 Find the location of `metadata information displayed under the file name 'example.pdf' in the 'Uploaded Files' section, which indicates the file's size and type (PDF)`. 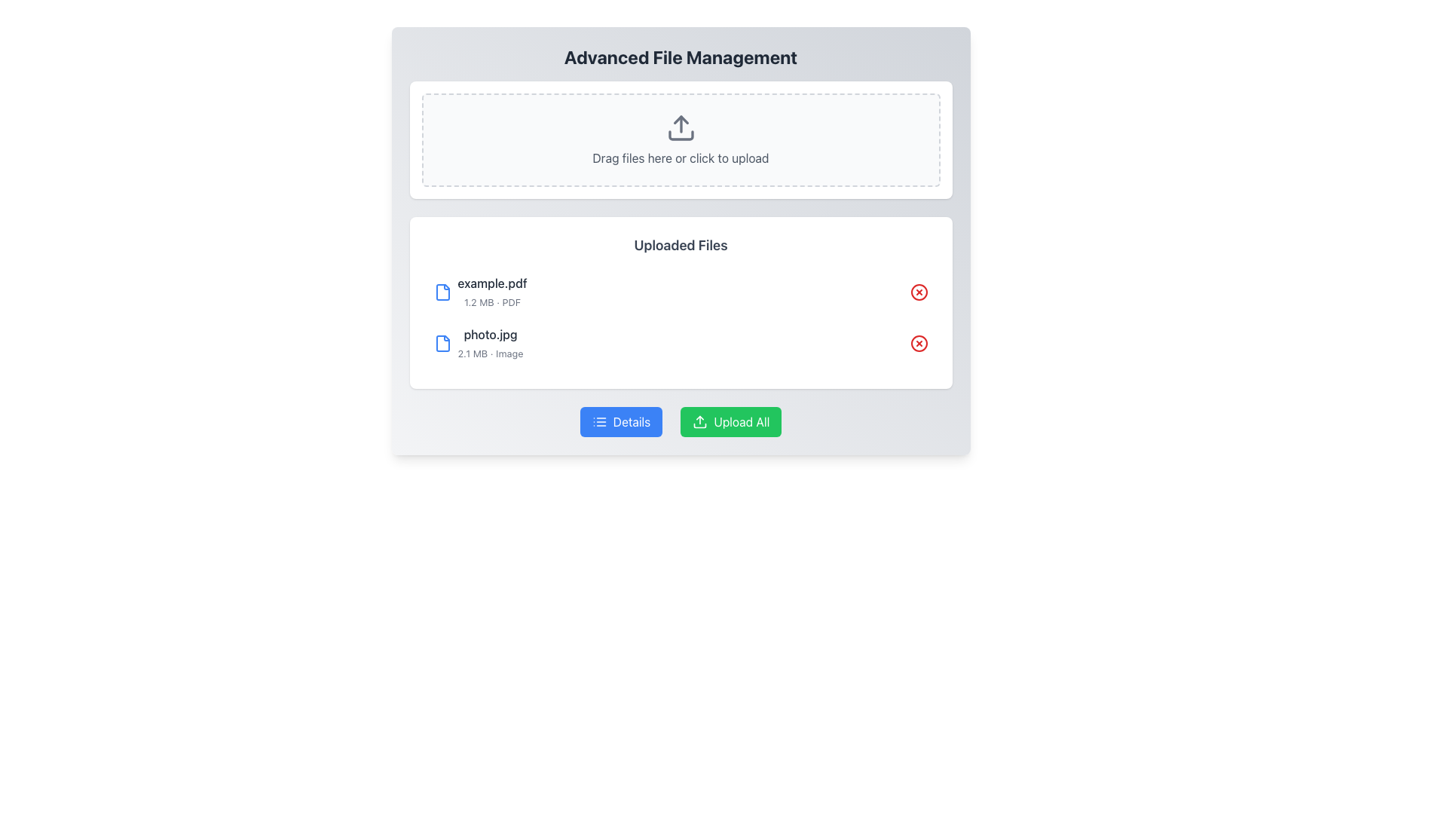

metadata information displayed under the file name 'example.pdf' in the 'Uploaded Files' section, which indicates the file's size and type (PDF) is located at coordinates (492, 302).